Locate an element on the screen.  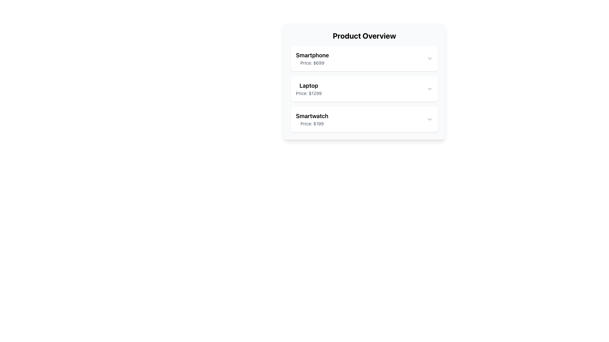
the 'Smartwatch' product card, which includes a bold title and price details is located at coordinates (364, 119).